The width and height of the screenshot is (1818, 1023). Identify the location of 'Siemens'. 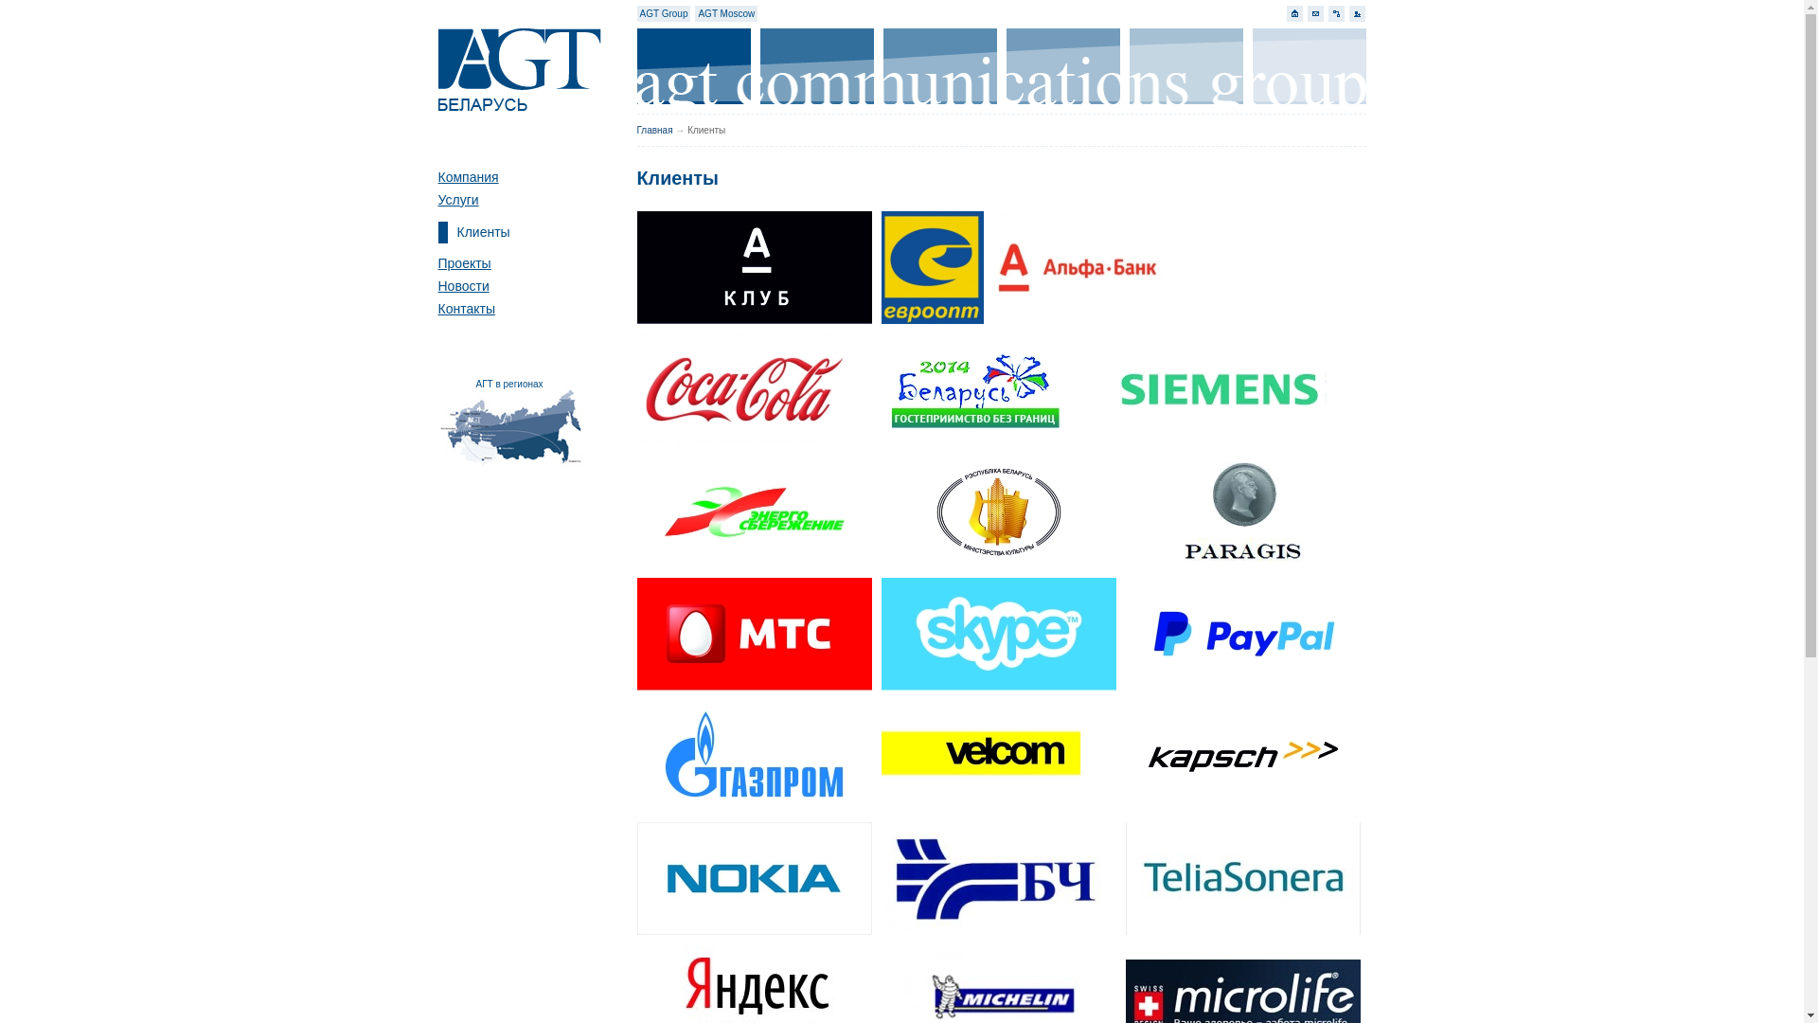
(1101, 388).